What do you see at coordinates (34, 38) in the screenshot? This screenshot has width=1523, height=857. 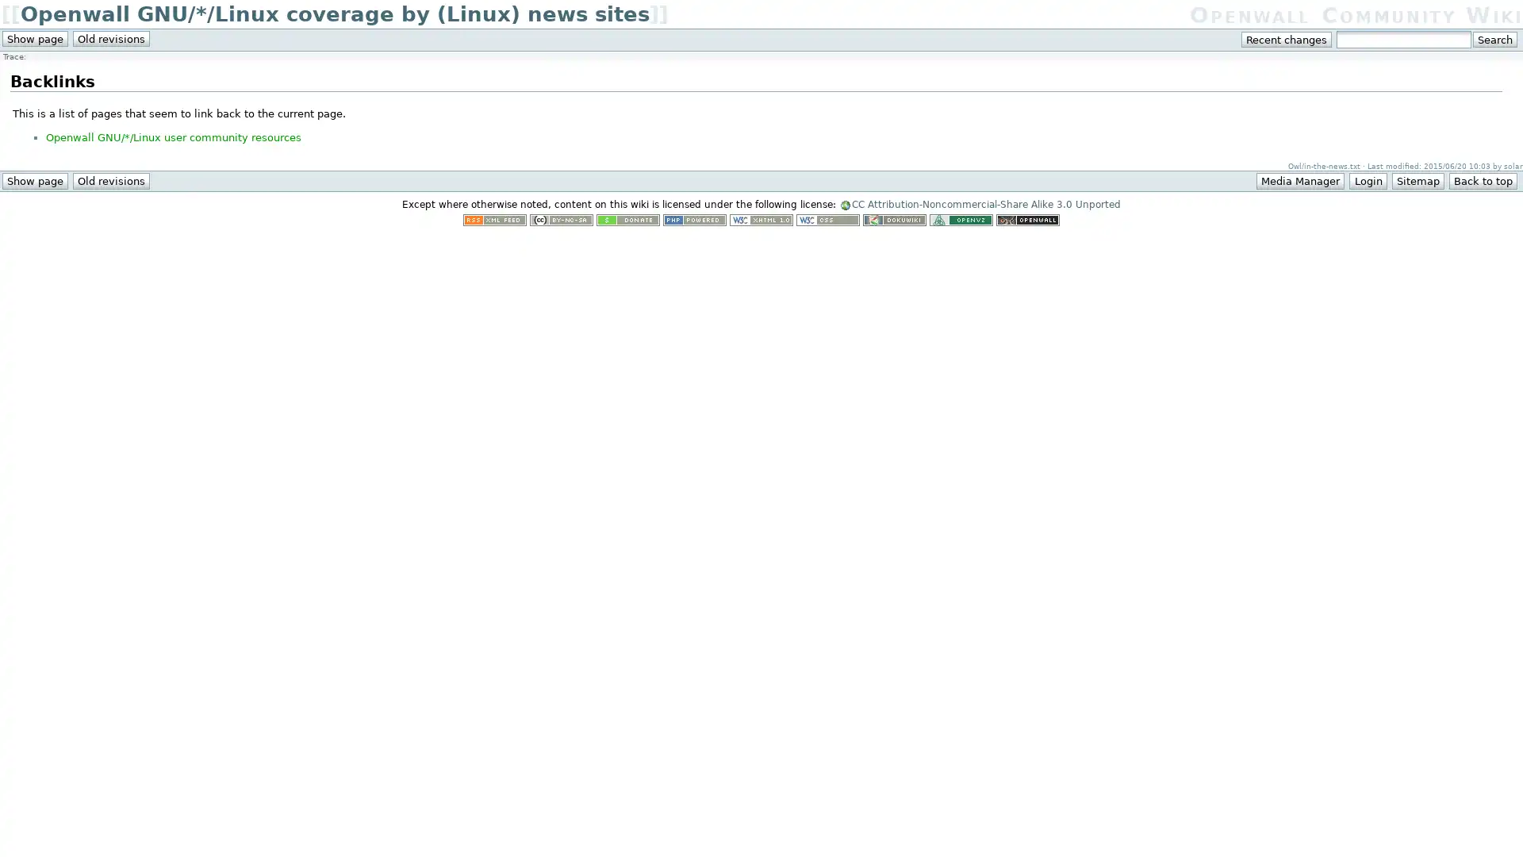 I see `Show page` at bounding box center [34, 38].